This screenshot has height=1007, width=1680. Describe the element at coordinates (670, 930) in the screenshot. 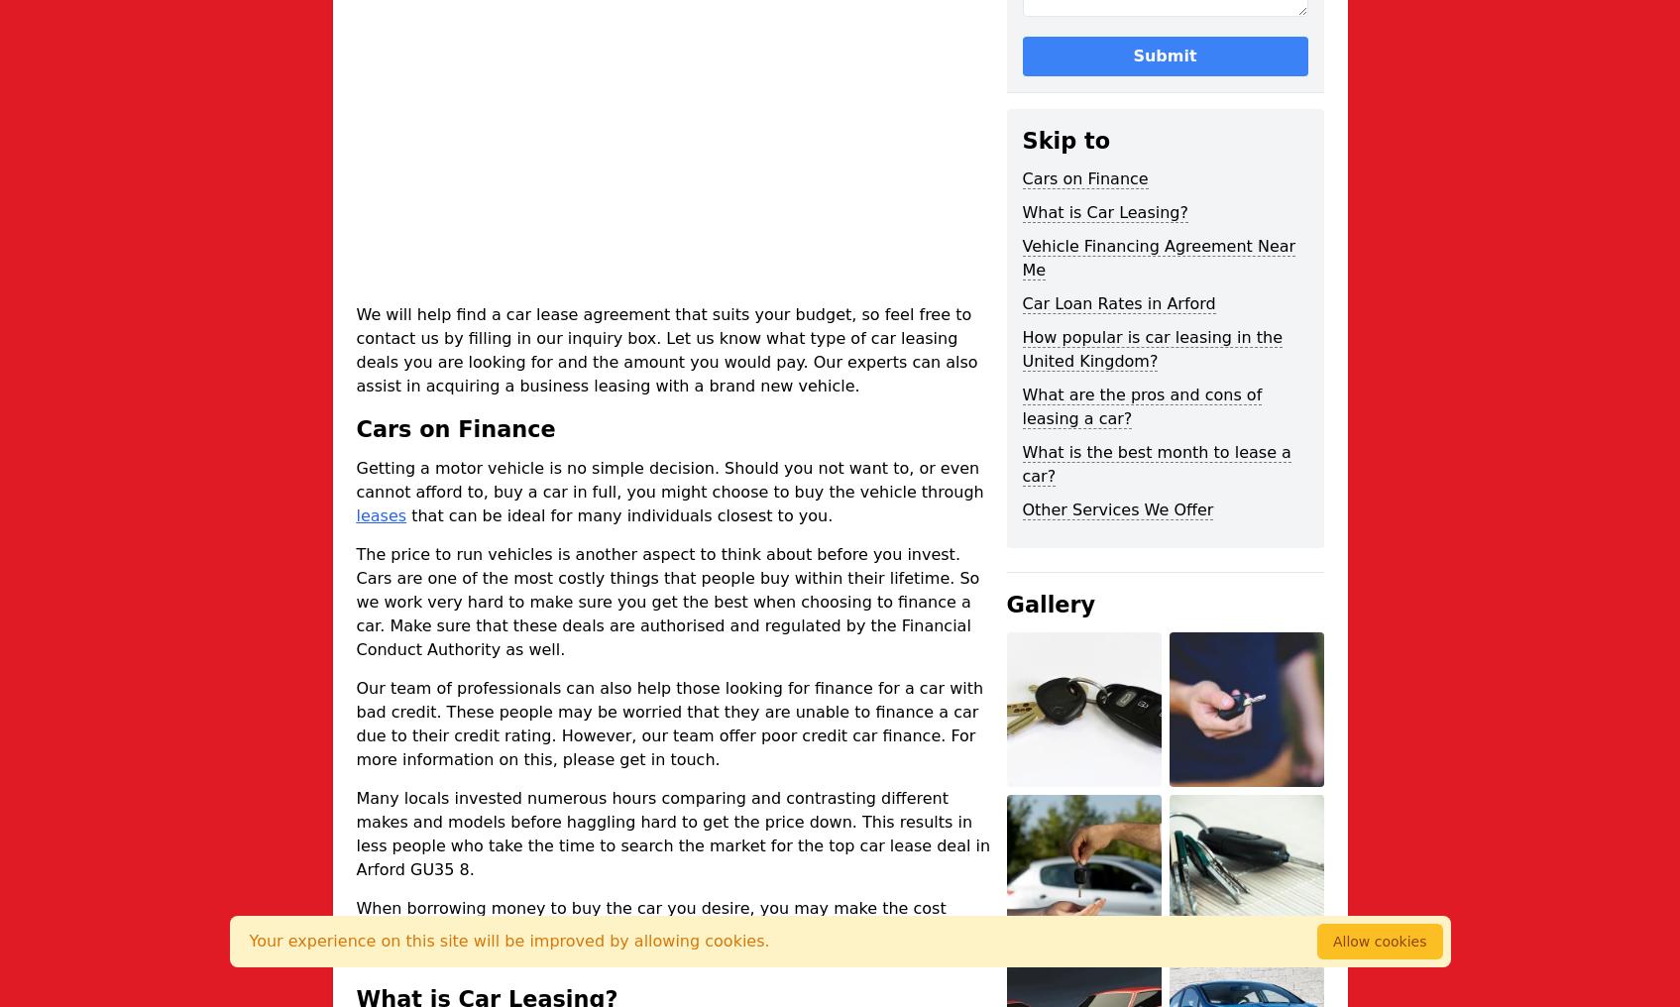

I see `'When borrowing money to buy the car you desire, you may make the cost more expensive in the end. So it is imperative to analyse interest rates and the fees available to be sure you do not pay more than you need.'` at that location.